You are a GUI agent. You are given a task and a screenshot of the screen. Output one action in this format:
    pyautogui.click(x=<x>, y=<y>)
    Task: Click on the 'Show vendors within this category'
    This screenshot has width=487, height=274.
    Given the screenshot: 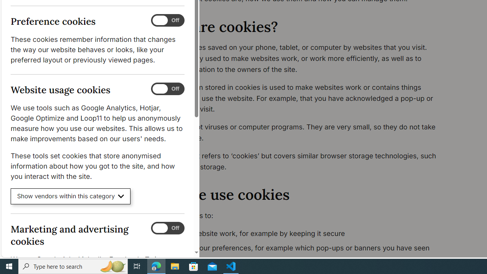 What is the action you would take?
    pyautogui.click(x=70, y=196)
    